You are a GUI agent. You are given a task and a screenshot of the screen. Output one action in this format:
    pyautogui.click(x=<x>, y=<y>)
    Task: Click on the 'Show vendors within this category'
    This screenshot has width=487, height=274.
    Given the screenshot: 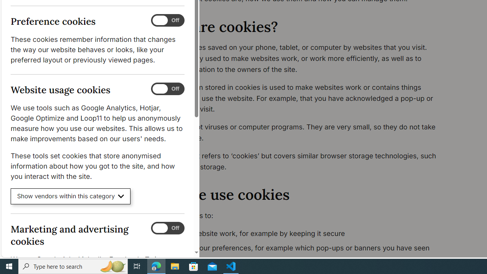 What is the action you would take?
    pyautogui.click(x=70, y=196)
    